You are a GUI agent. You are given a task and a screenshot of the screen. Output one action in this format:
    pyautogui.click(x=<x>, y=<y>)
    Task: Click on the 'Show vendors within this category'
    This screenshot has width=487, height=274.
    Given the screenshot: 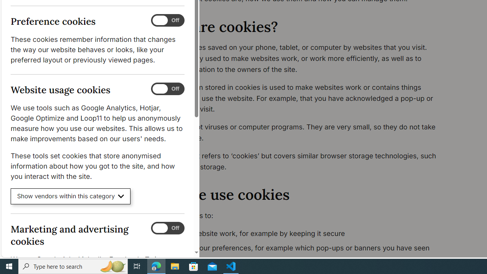 What is the action you would take?
    pyautogui.click(x=70, y=196)
    